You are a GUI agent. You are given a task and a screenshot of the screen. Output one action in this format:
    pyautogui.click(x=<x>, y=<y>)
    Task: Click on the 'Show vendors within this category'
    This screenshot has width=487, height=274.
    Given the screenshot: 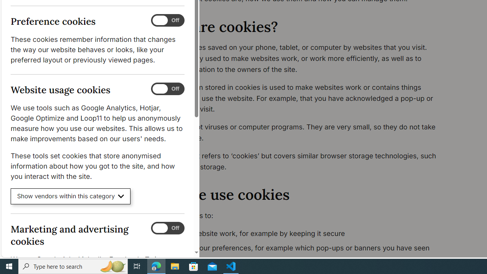 What is the action you would take?
    pyautogui.click(x=70, y=196)
    